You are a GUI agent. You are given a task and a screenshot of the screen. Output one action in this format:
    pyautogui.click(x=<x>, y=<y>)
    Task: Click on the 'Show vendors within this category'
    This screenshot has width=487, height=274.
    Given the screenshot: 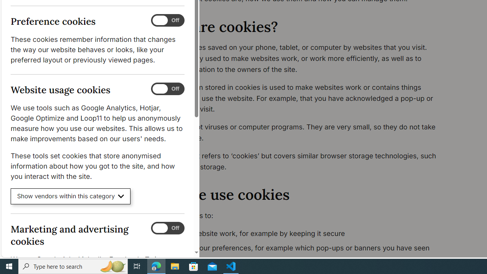 What is the action you would take?
    pyautogui.click(x=70, y=196)
    